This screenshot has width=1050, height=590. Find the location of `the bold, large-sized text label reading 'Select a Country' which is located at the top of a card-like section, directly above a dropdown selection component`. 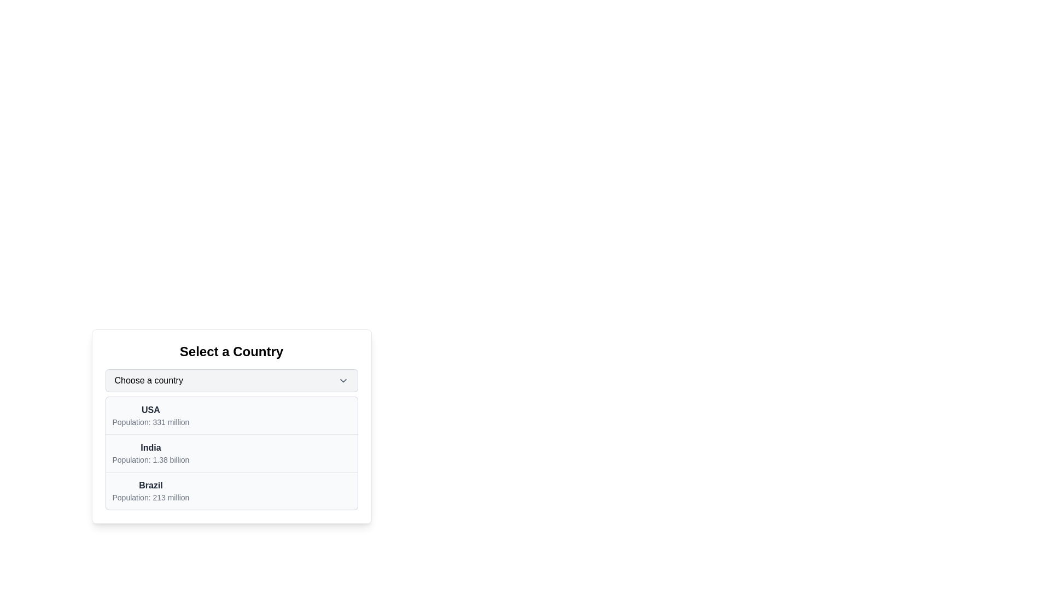

the bold, large-sized text label reading 'Select a Country' which is located at the top of a card-like section, directly above a dropdown selection component is located at coordinates (231, 352).